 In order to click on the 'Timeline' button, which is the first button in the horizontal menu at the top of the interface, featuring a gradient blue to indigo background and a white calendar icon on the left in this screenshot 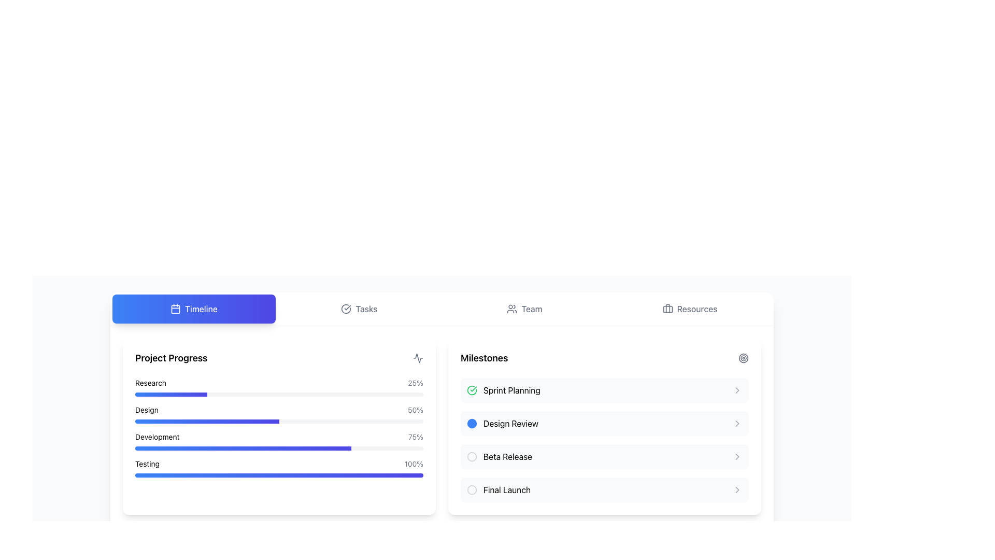, I will do `click(194, 309)`.